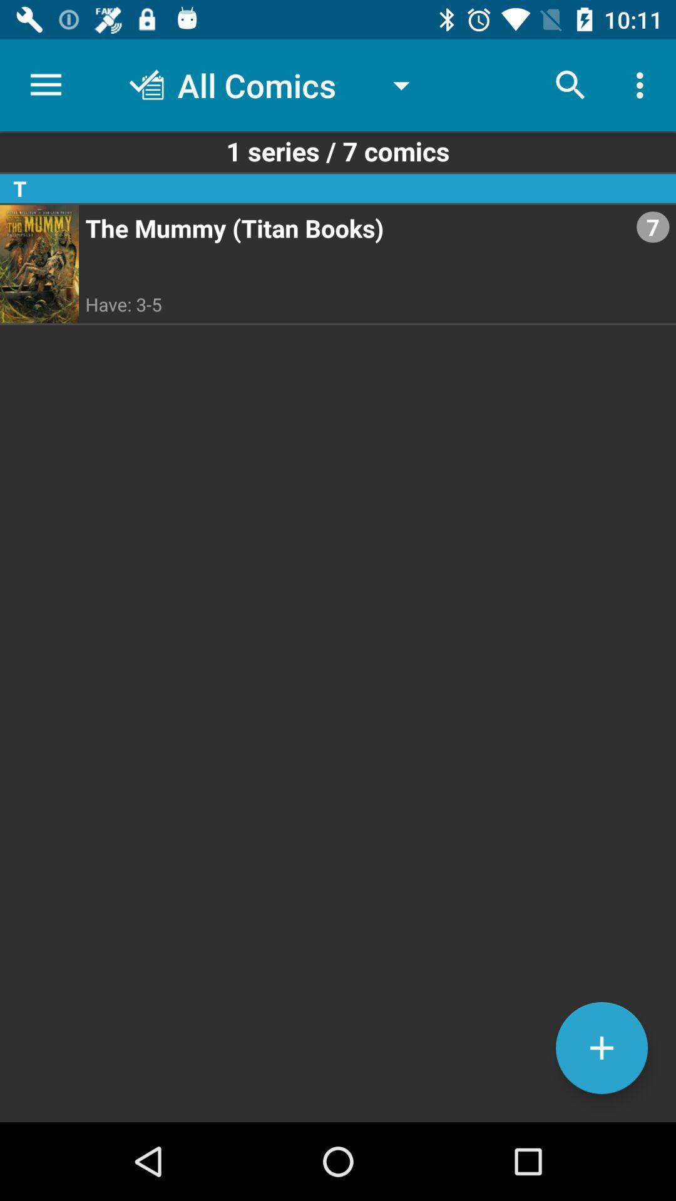  Describe the element at coordinates (601, 1048) in the screenshot. I see `new series` at that location.